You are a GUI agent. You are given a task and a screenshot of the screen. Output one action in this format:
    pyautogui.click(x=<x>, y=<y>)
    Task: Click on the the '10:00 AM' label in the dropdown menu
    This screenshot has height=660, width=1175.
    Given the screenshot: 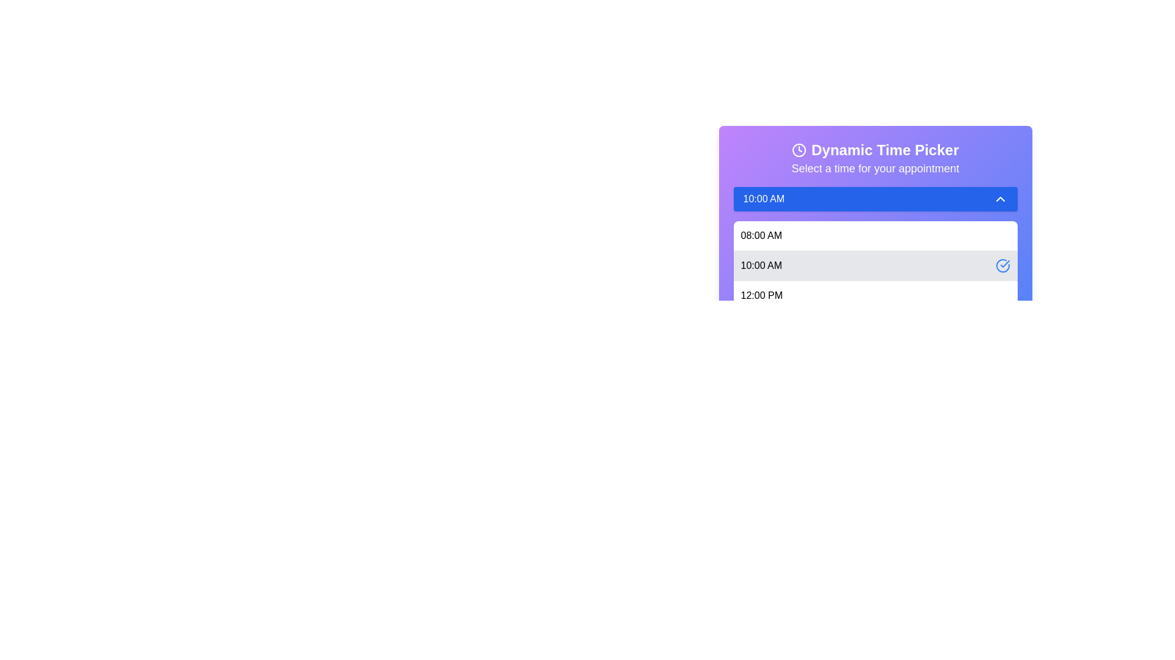 What is the action you would take?
    pyautogui.click(x=763, y=199)
    